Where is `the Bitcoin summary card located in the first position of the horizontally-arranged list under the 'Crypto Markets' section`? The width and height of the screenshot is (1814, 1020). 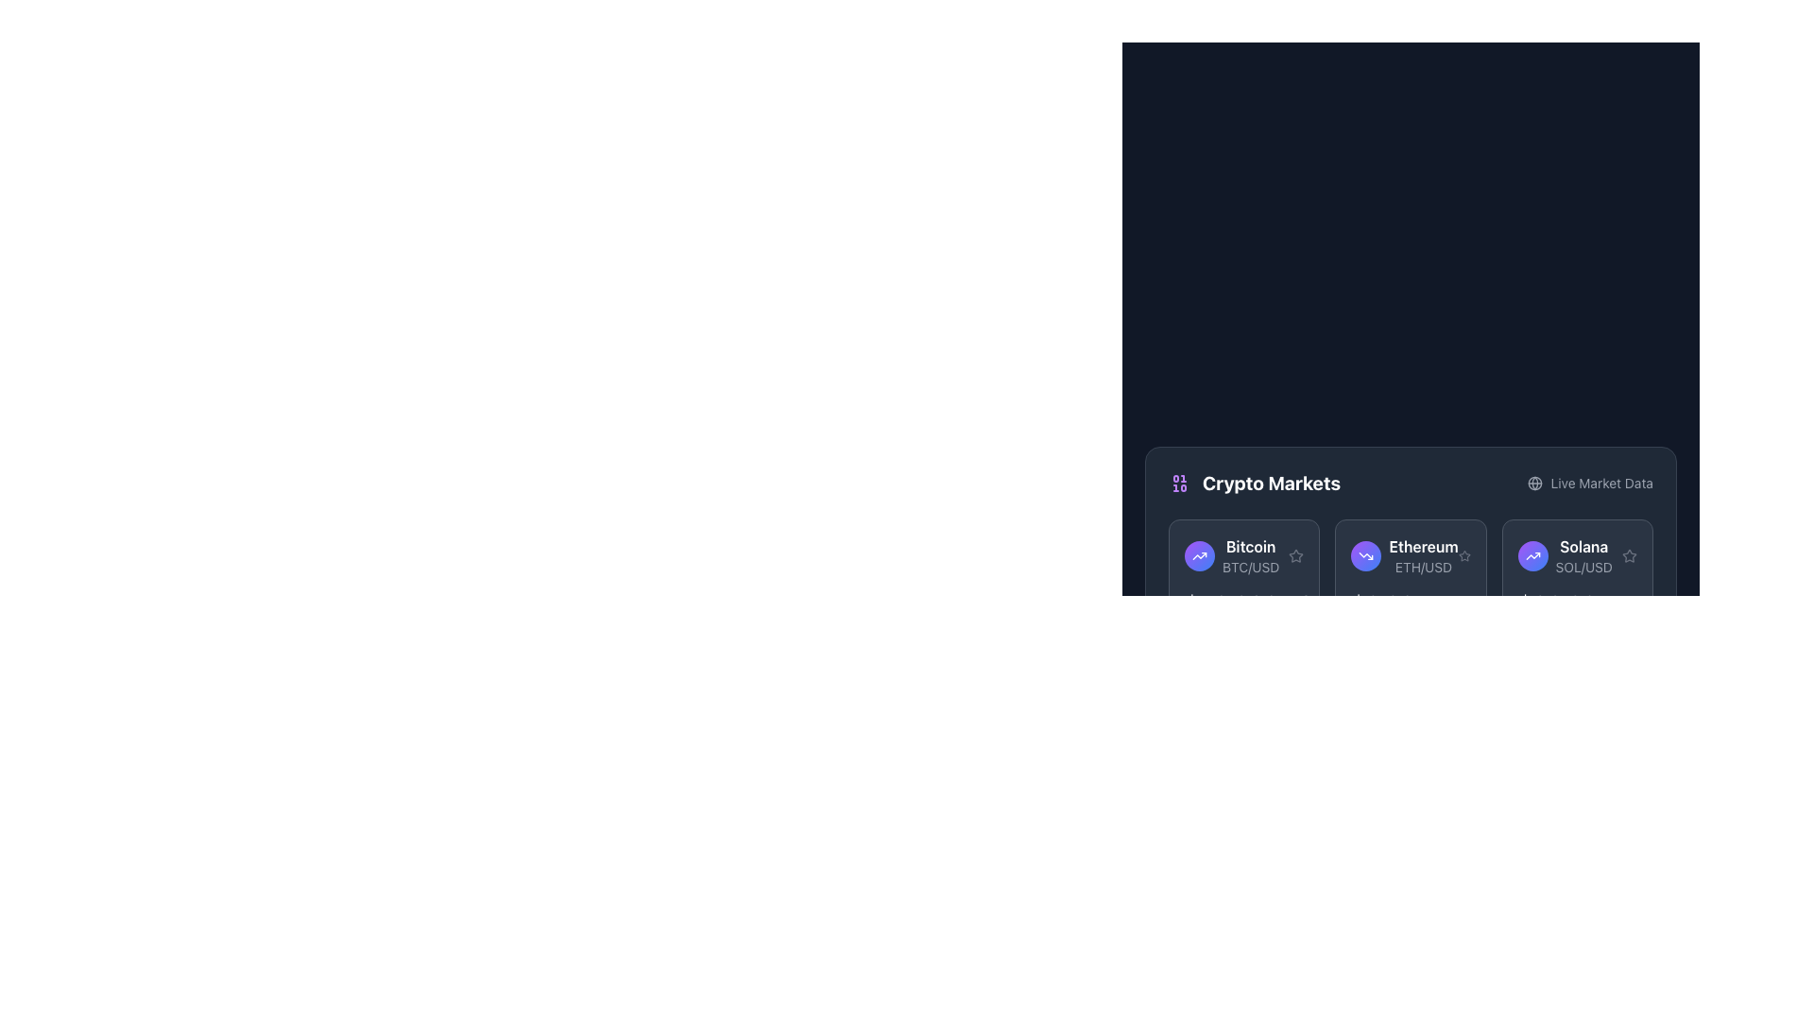 the Bitcoin summary card located in the first position of the horizontally-arranged list under the 'Crypto Markets' section is located at coordinates (1244, 555).